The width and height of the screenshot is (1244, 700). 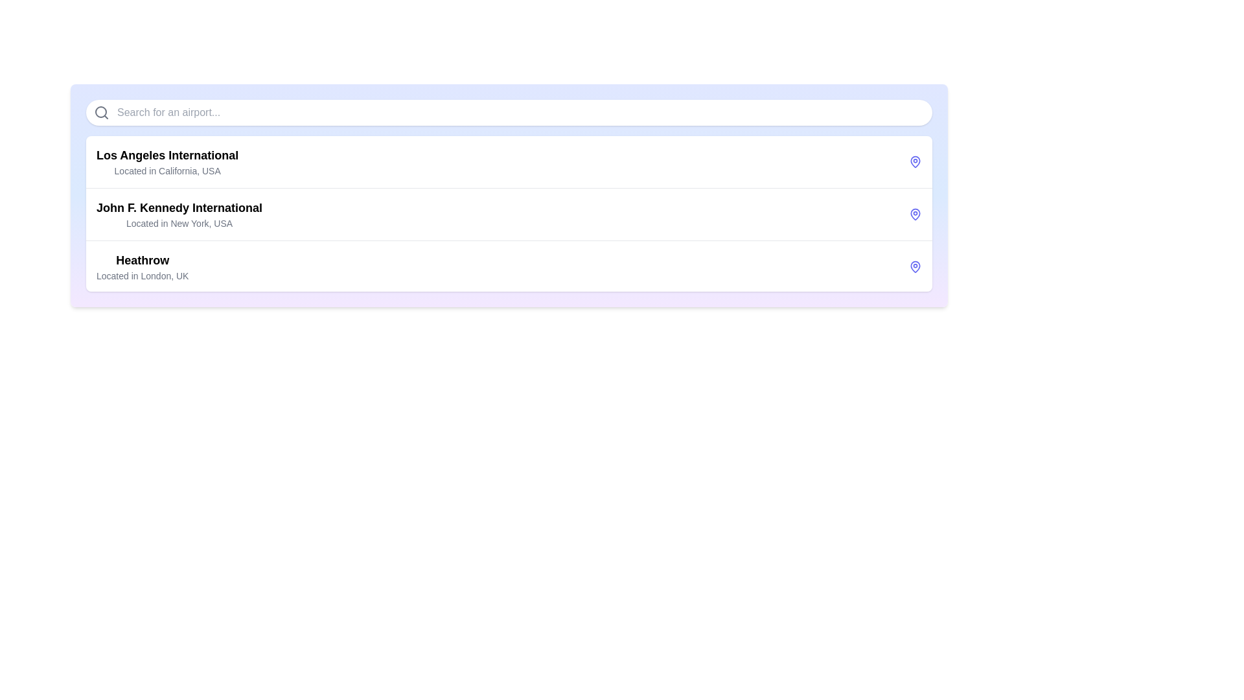 I want to click on the text label element reading 'Heathrow' for accessibility purposes, so click(x=143, y=260).